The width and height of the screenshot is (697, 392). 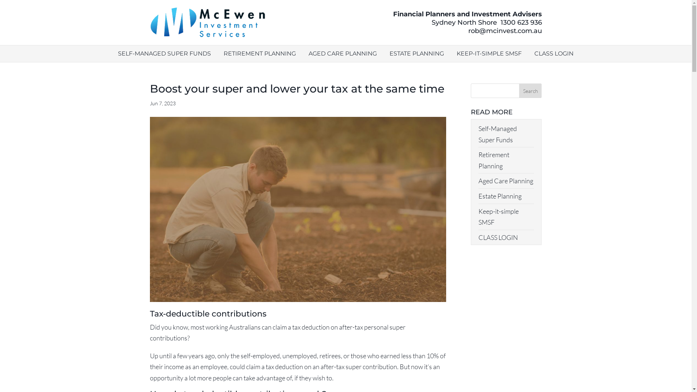 I want to click on 'Aged Care Planning', so click(x=505, y=180).